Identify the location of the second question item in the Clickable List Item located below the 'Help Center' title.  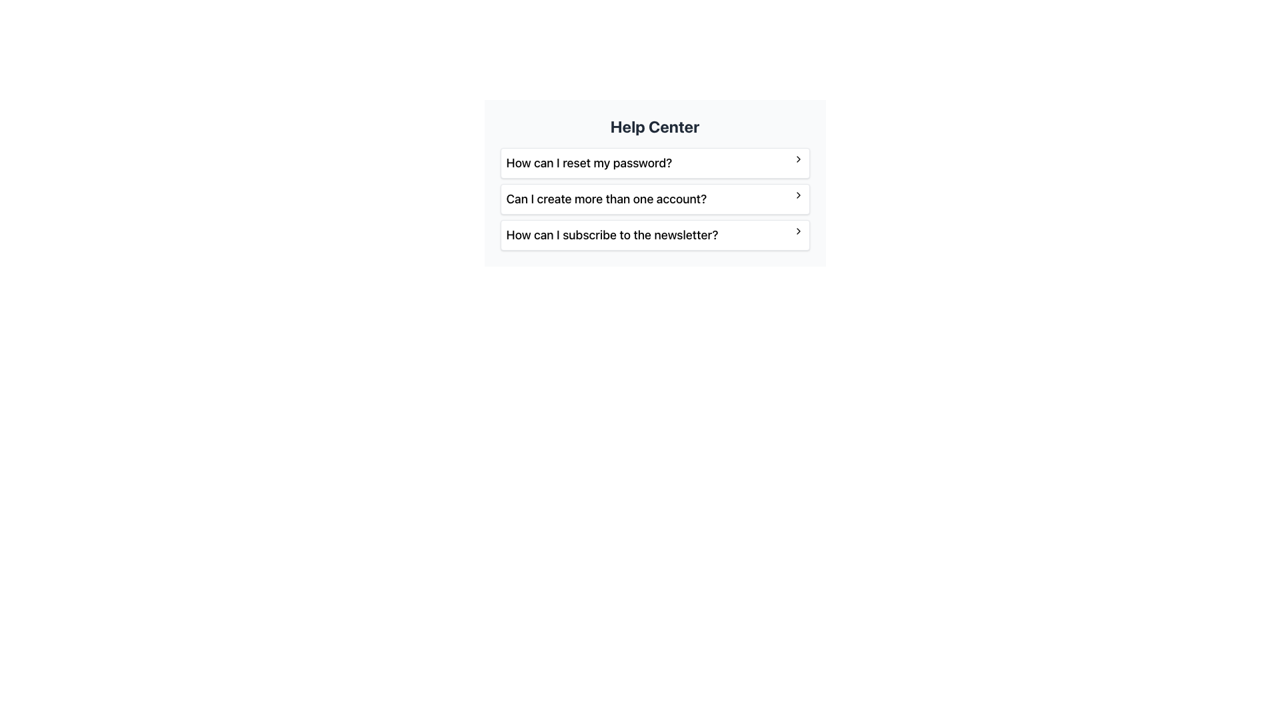
(655, 183).